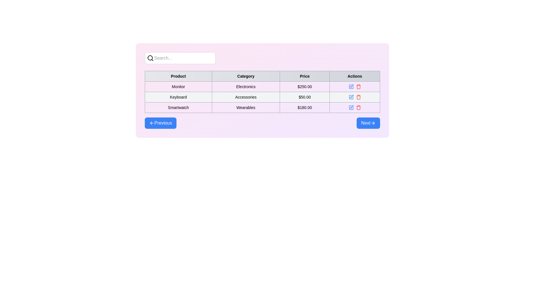 The height and width of the screenshot is (305, 543). I want to click on the small right-pointing arrow icon in the SVG graphic that is part of a larger SVG group, located to the right of the 'Next' button label, so click(374, 123).